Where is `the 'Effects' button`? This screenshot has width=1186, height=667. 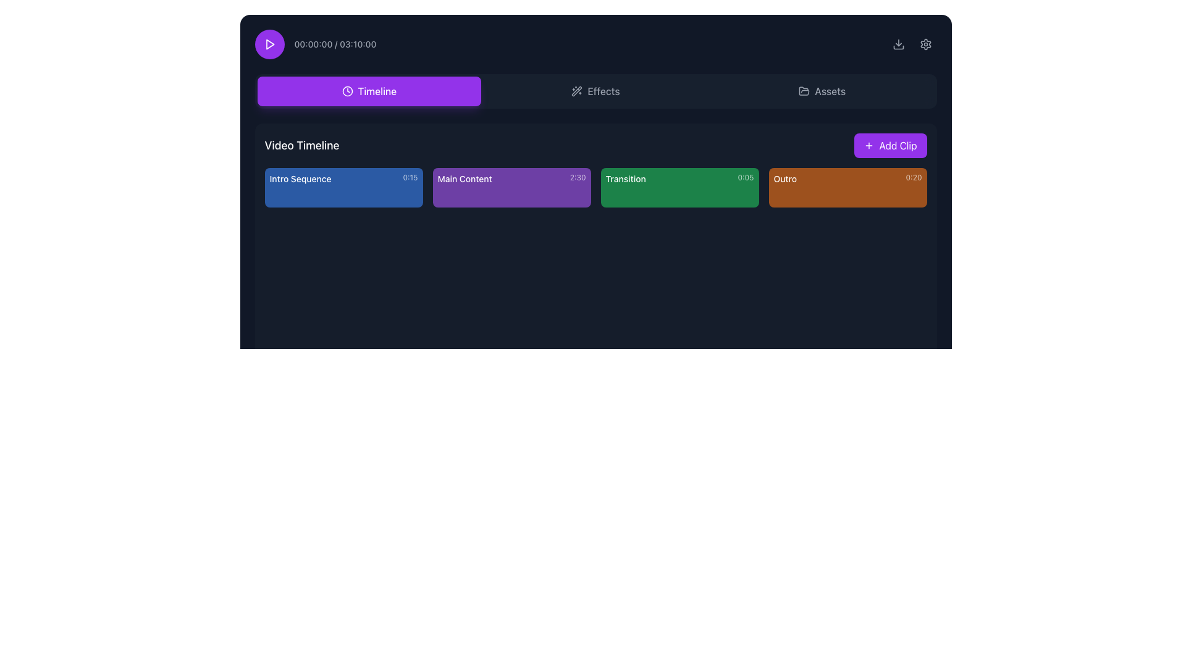
the 'Effects' button is located at coordinates (595, 90).